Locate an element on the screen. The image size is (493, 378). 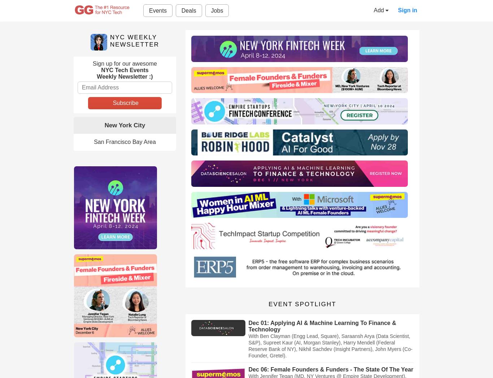
'San Francisco Bay Area' is located at coordinates (124, 141).